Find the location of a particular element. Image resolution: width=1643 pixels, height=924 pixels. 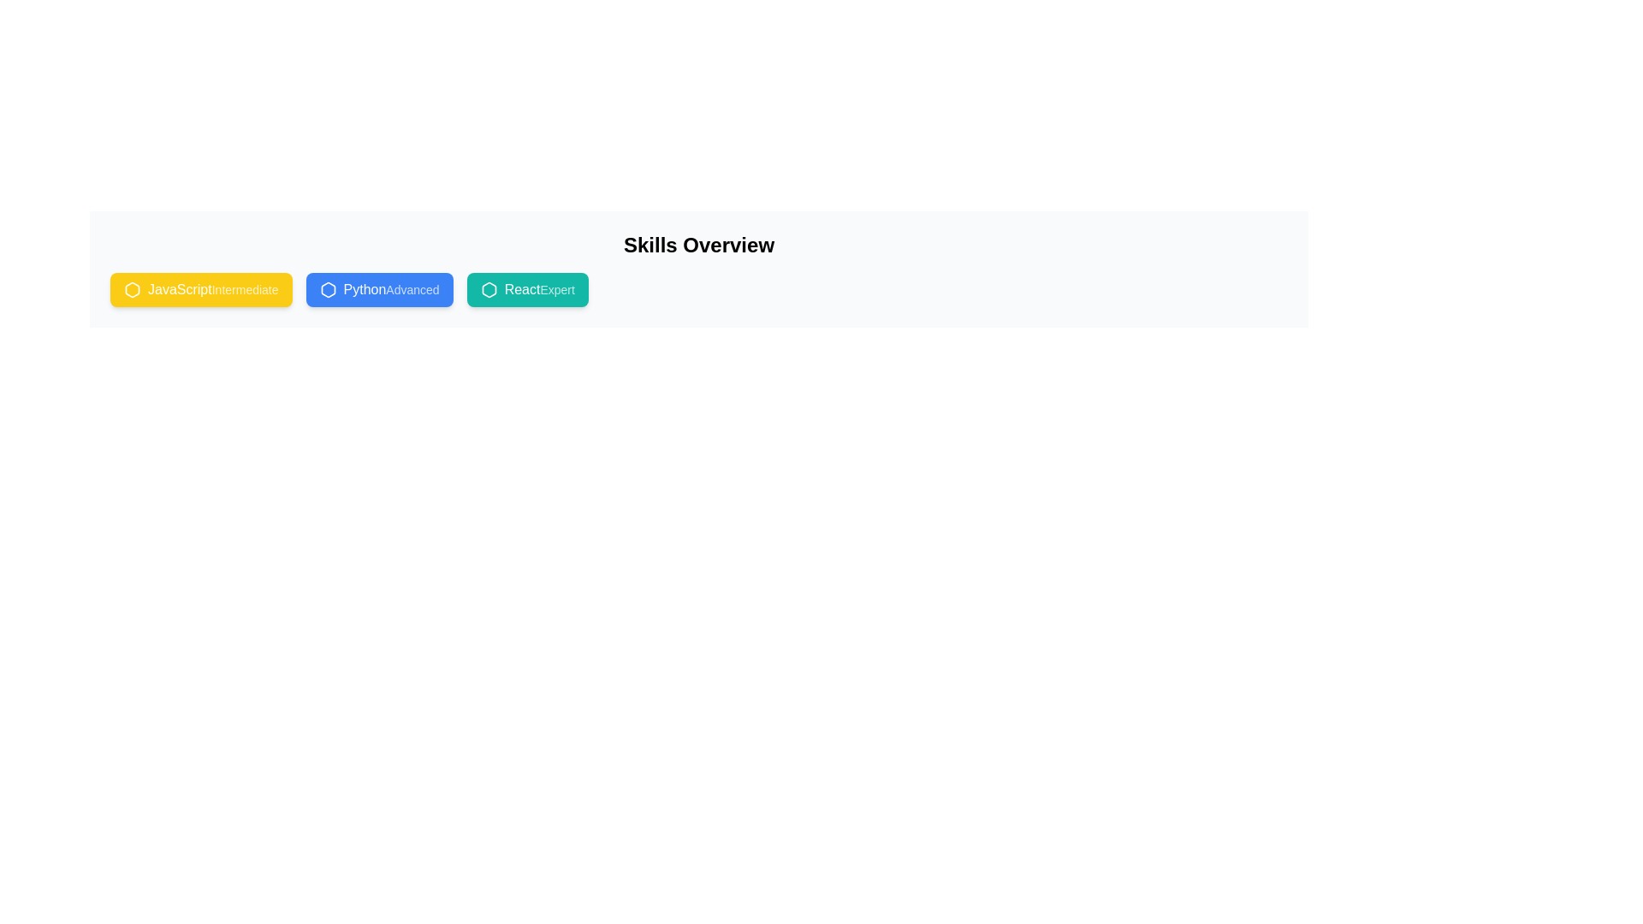

the skill chip corresponding to JavaScript is located at coordinates (201, 289).